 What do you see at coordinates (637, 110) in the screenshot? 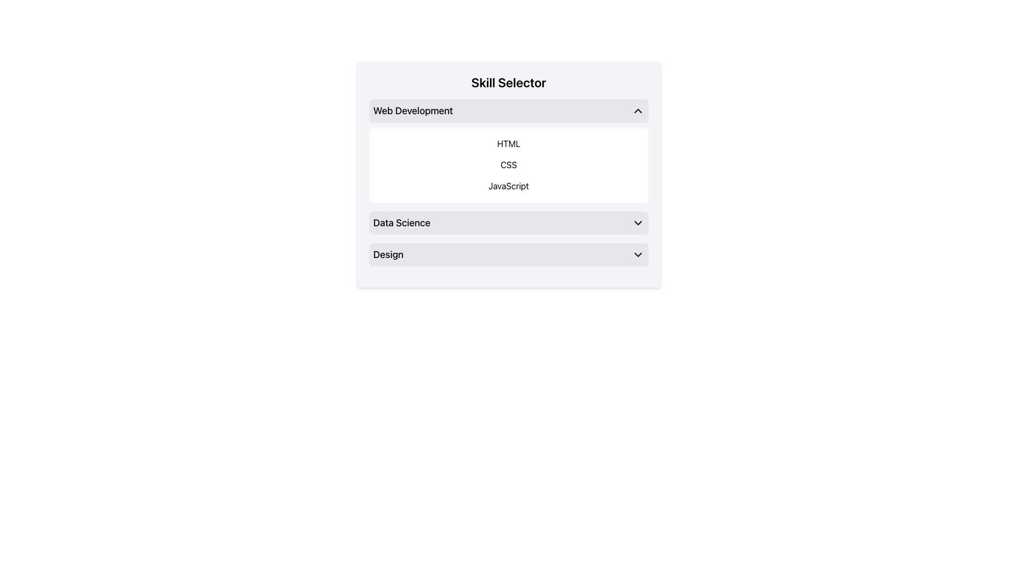
I see `the upward-pointing chevron icon located to the far right of the 'Web Development' section` at bounding box center [637, 110].